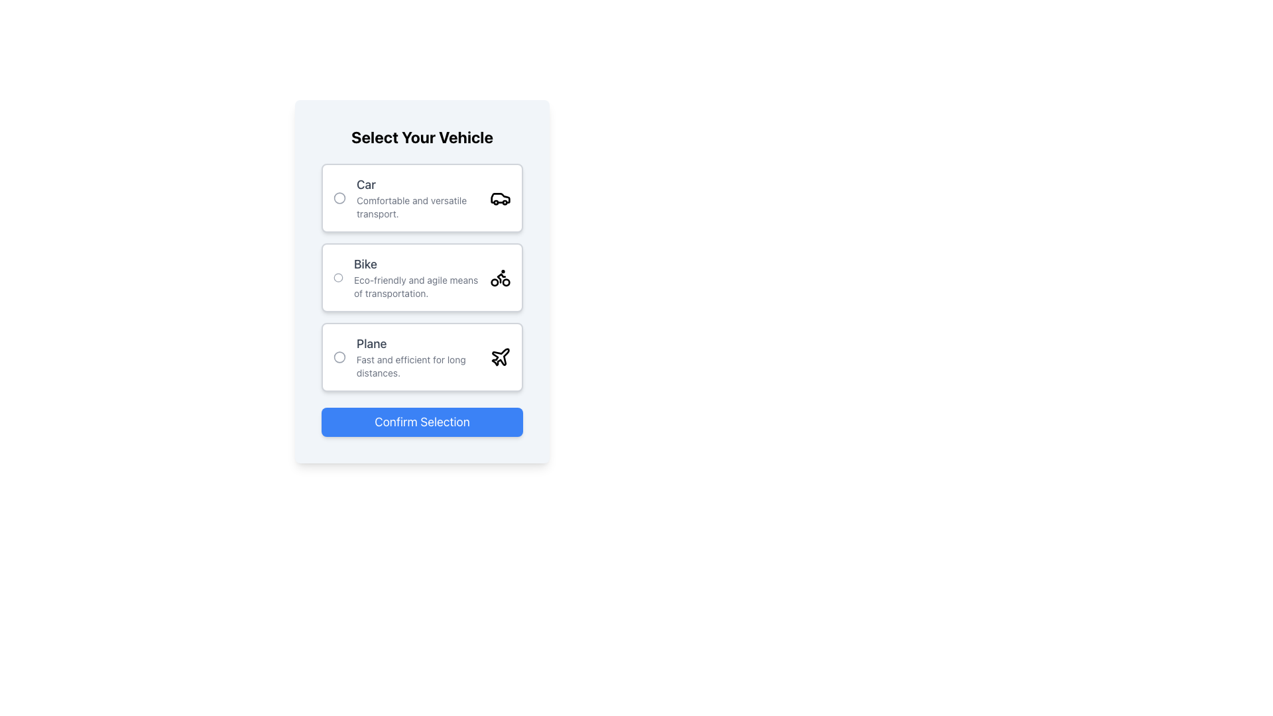 The width and height of the screenshot is (1273, 716). What do you see at coordinates (499, 357) in the screenshot?
I see `the 'Plane' vehicle type icon located inside the third card, which is positioned below the 'Car' and 'Bike' cards in a vertically stacked list` at bounding box center [499, 357].